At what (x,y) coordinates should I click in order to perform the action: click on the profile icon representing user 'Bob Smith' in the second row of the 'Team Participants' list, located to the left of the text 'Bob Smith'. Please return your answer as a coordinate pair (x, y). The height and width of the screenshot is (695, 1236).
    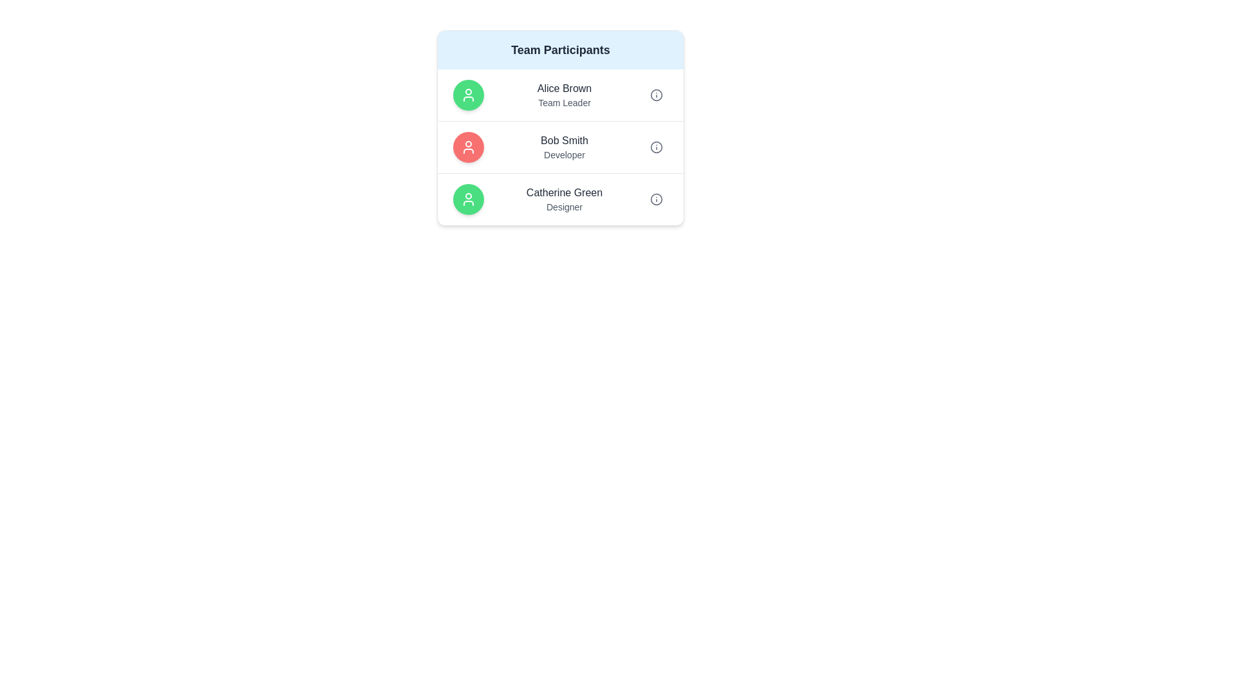
    Looking at the image, I should click on (468, 146).